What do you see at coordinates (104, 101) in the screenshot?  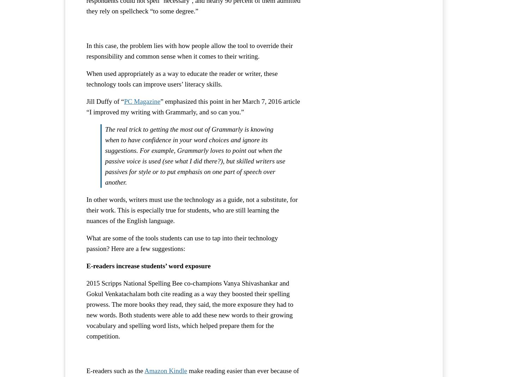 I see `'Jill Duffy of “'` at bounding box center [104, 101].